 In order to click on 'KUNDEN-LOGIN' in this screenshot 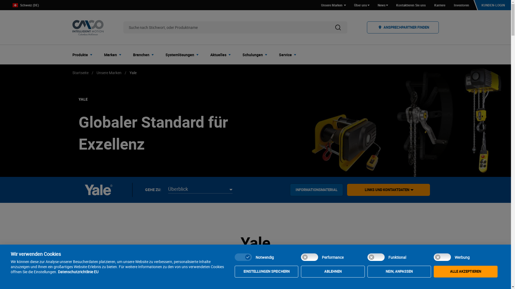, I will do `click(492, 5)`.